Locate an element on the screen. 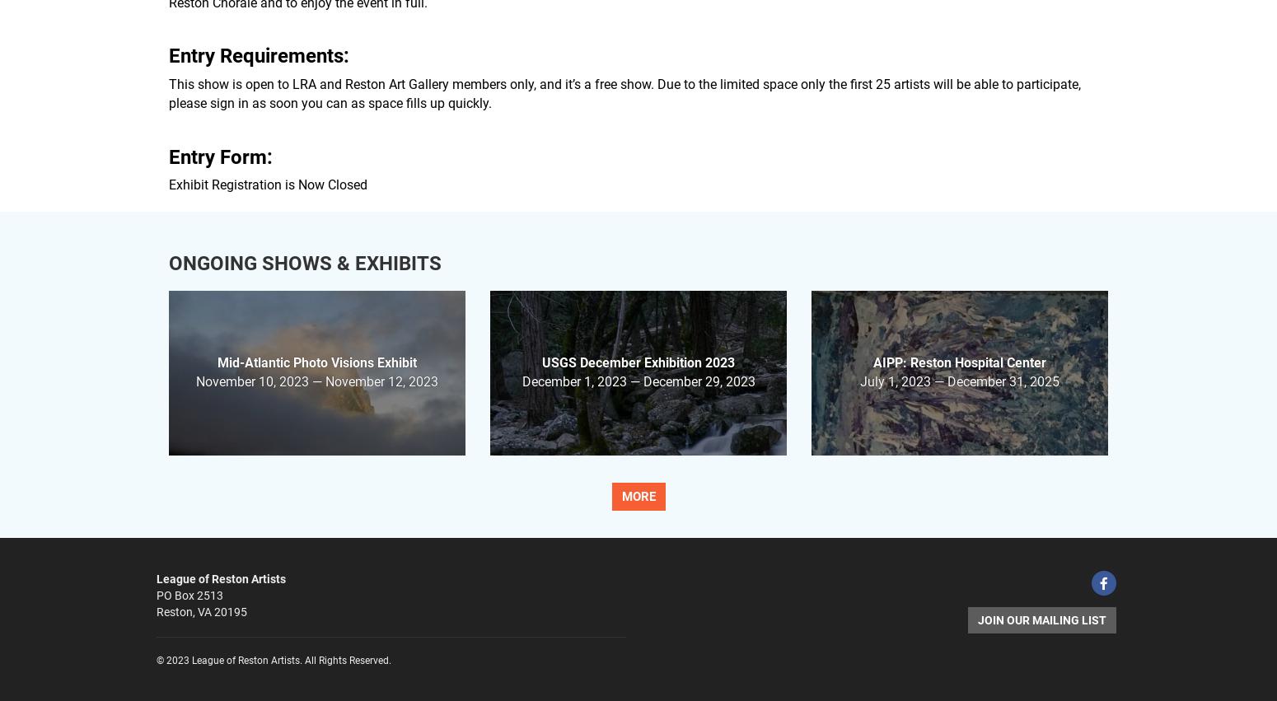  'AIPP: Reston Hospital Center' is located at coordinates (959, 362).